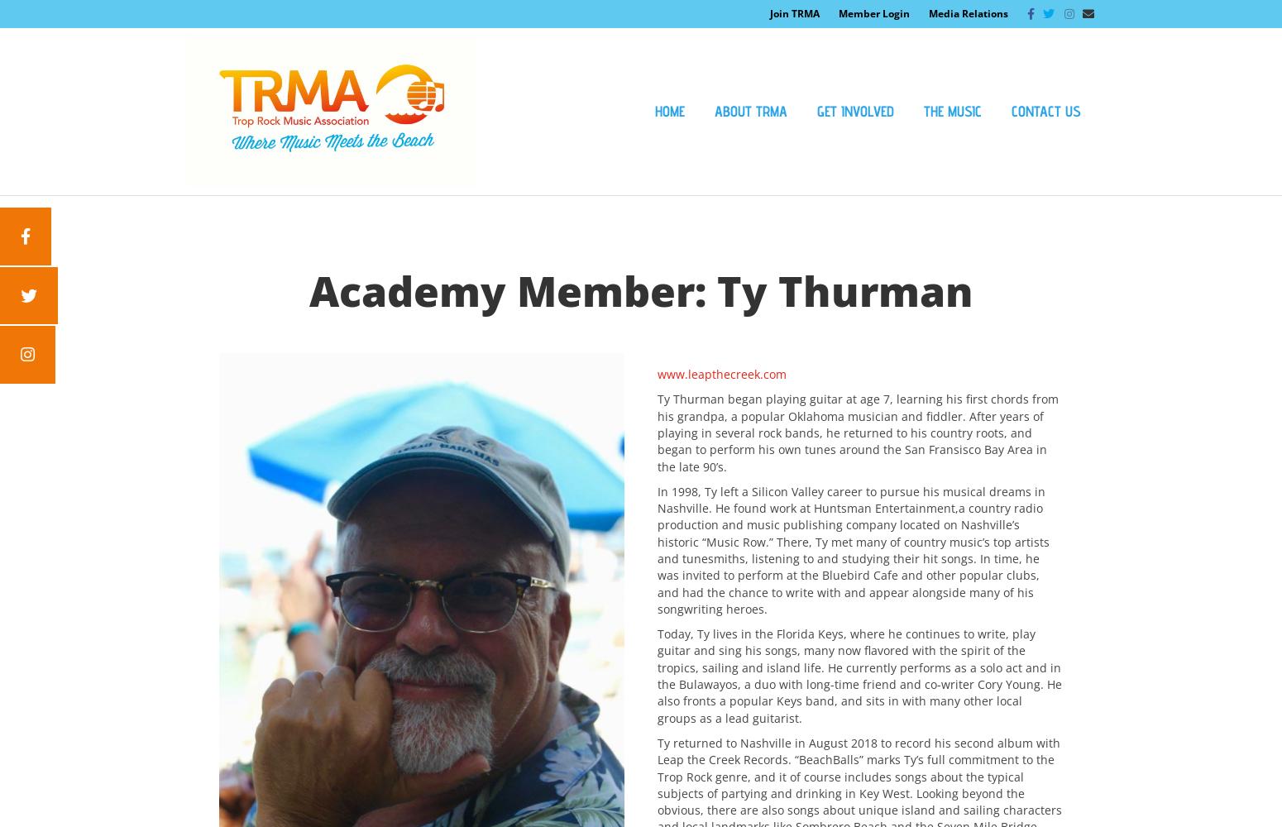 Image resolution: width=1282 pixels, height=827 pixels. I want to click on 'About TRMA', so click(750, 111).